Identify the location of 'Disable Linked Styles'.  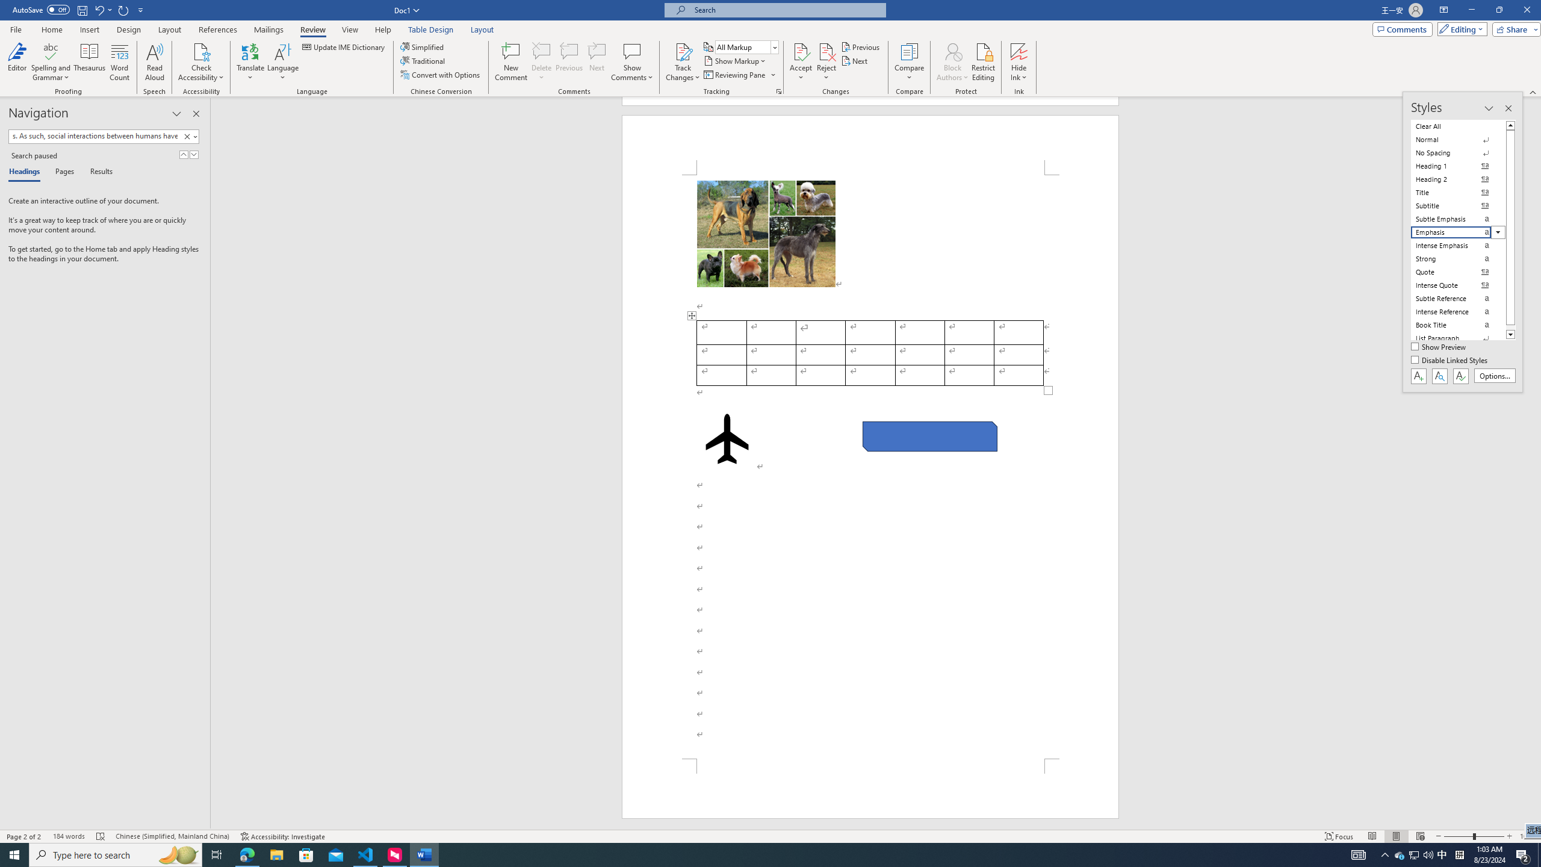
(1450, 360).